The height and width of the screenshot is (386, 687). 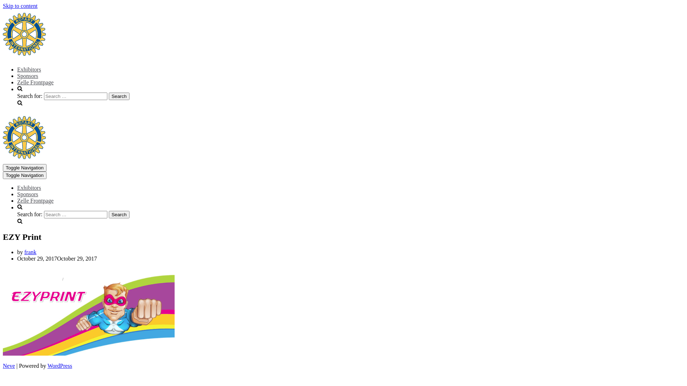 What do you see at coordinates (108, 214) in the screenshot?
I see `'Search'` at bounding box center [108, 214].